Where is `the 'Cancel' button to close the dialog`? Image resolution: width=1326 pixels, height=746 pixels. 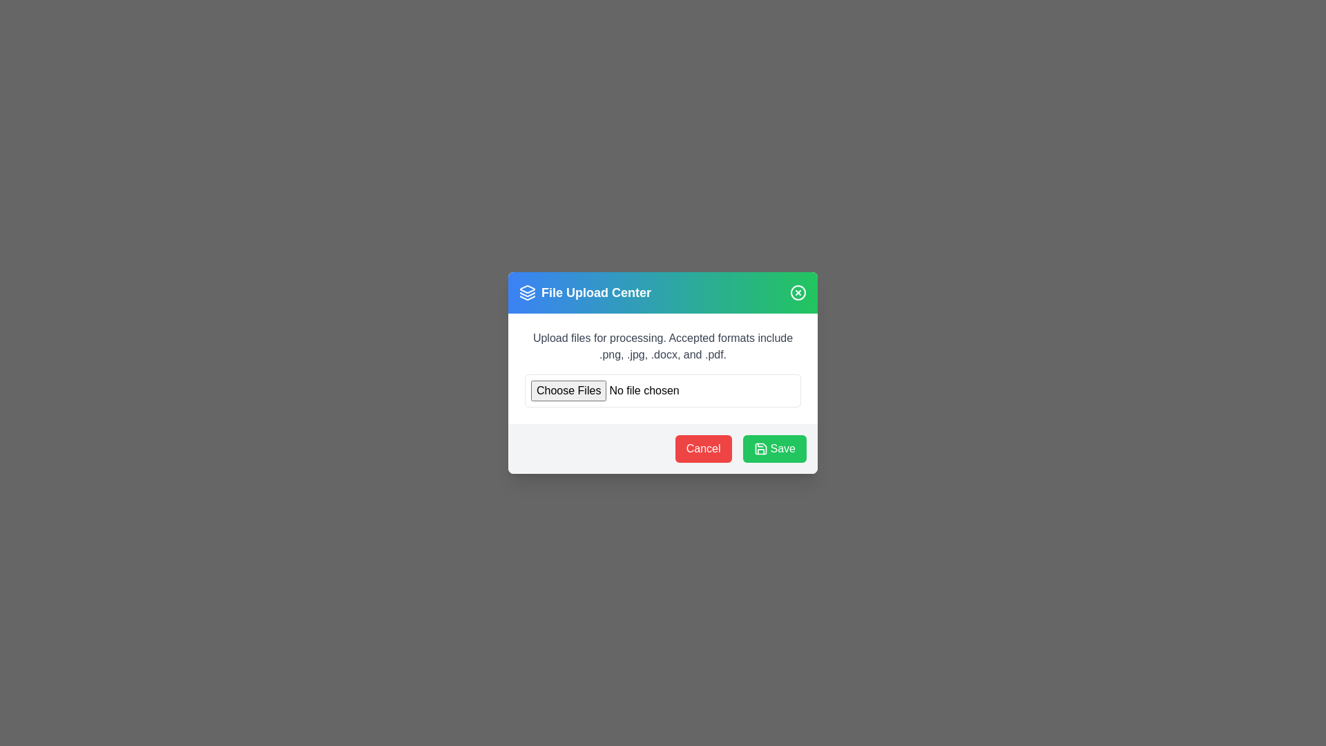
the 'Cancel' button to close the dialog is located at coordinates (703, 449).